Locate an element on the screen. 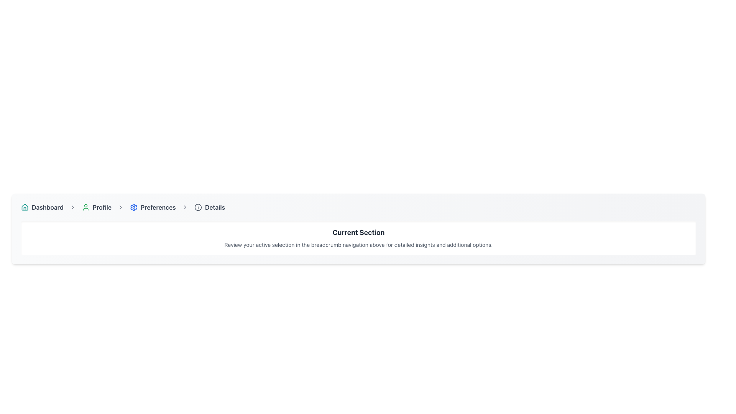 The width and height of the screenshot is (736, 414). information displayed in the Informational panel that has a white background and contains the text 'Current Section' in bold, dark gray font is located at coordinates (358, 238).